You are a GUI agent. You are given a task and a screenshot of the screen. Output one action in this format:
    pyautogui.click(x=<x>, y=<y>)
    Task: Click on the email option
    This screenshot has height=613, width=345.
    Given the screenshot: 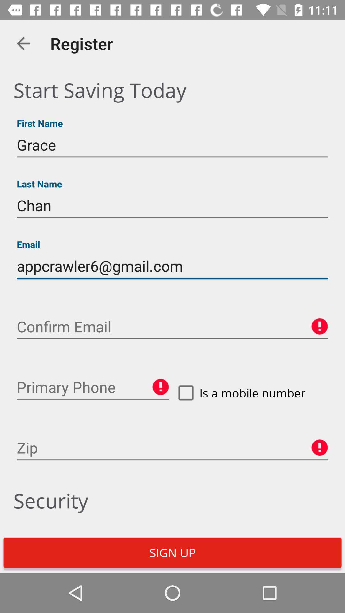 What is the action you would take?
    pyautogui.click(x=172, y=327)
    